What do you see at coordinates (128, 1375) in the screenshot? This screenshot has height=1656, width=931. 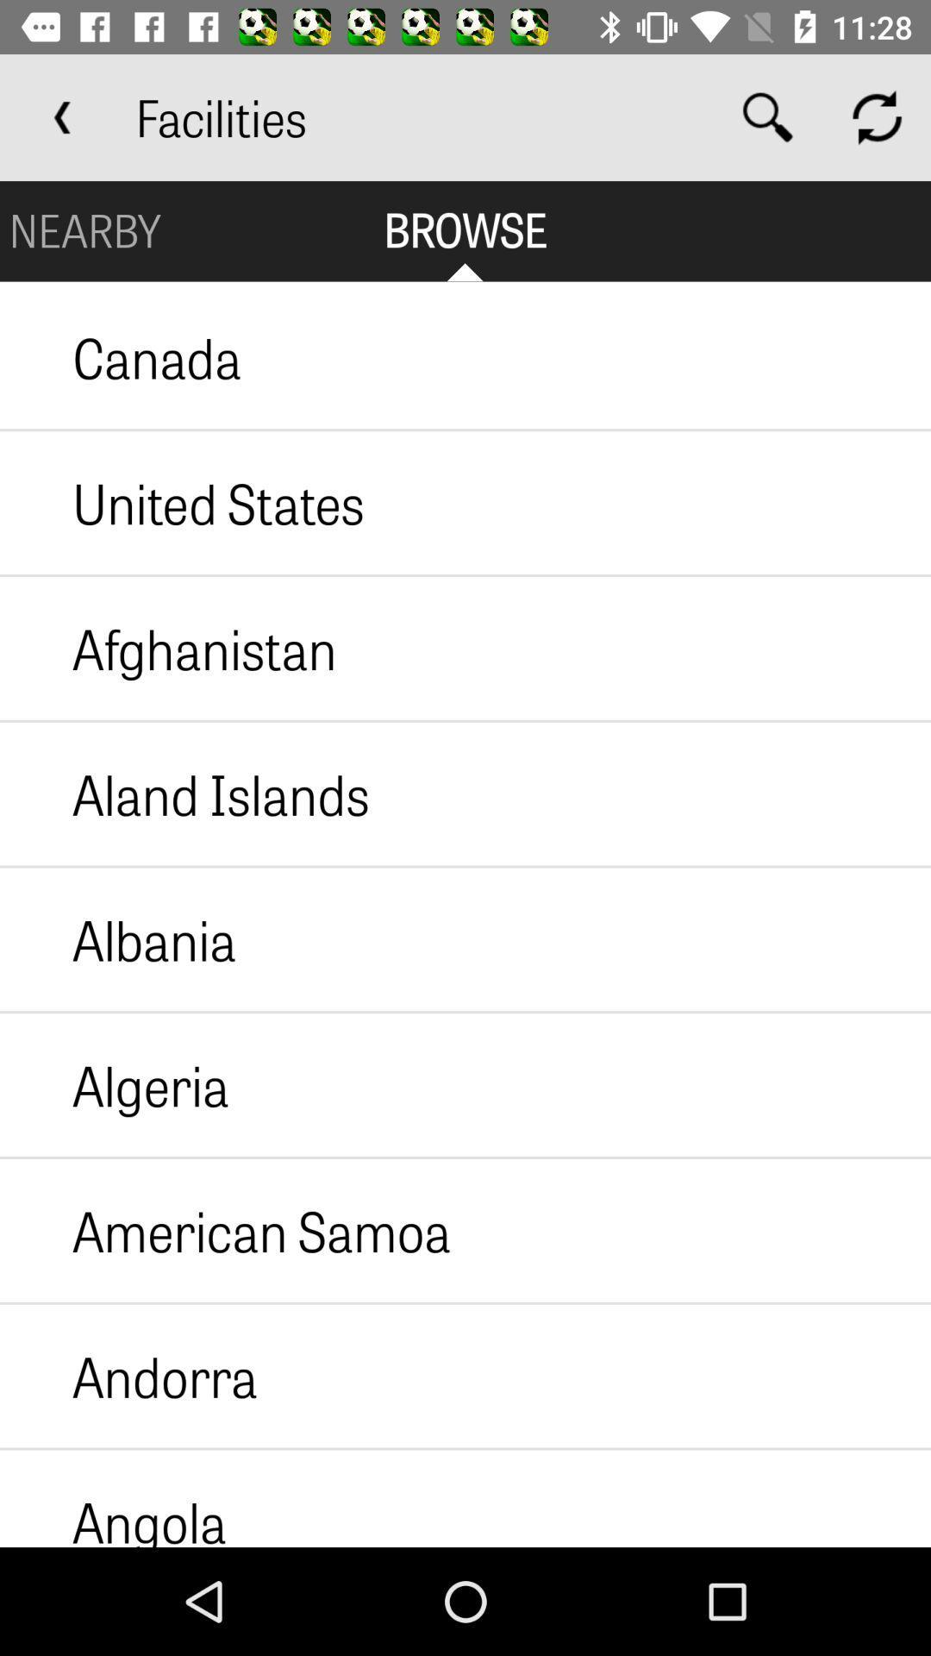 I see `icon above the angola icon` at bounding box center [128, 1375].